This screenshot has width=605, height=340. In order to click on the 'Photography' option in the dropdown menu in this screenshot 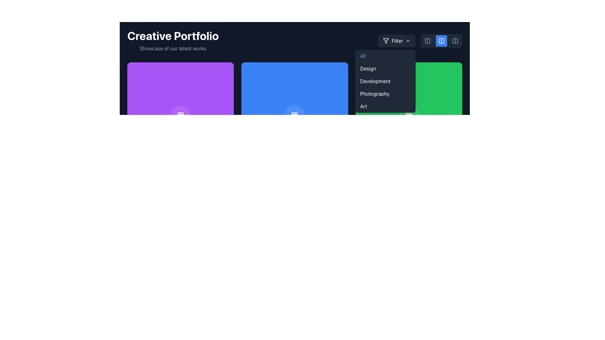, I will do `click(385, 93)`.